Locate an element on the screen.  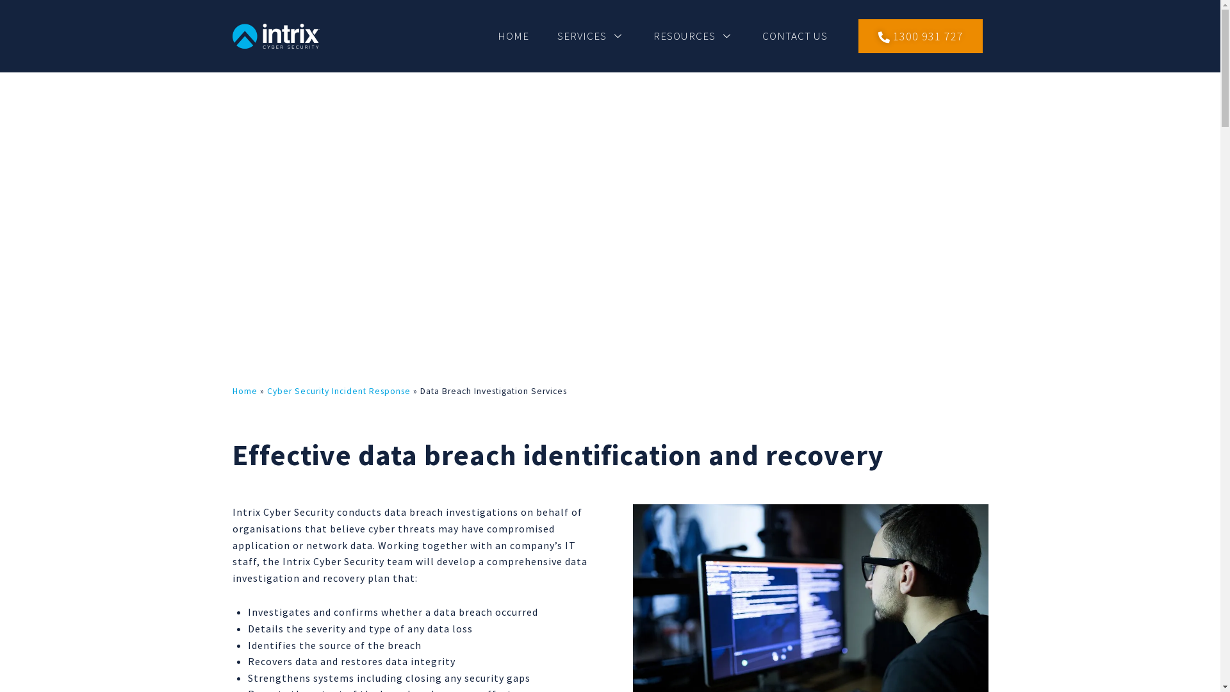
'Home' is located at coordinates (244, 390).